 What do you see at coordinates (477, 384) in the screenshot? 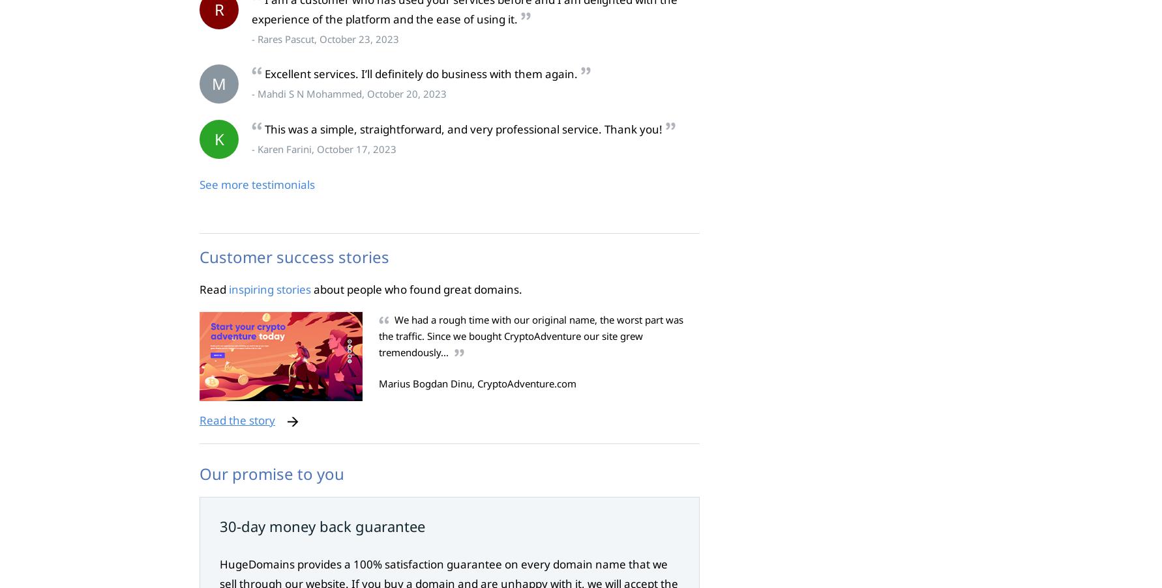
I see `'Marius Bogdan Dinu, CryptoAdventure.com'` at bounding box center [477, 384].